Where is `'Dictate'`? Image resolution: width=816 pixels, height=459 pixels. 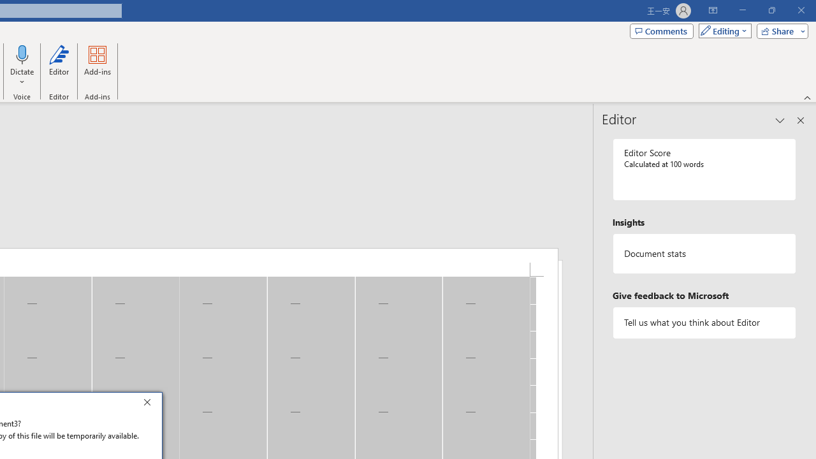 'Dictate' is located at coordinates (22, 66).